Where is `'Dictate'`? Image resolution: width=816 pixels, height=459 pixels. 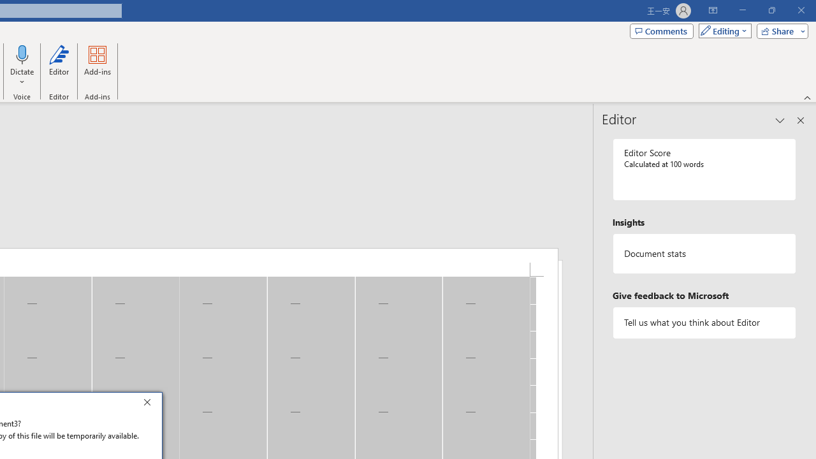 'Dictate' is located at coordinates (22, 66).